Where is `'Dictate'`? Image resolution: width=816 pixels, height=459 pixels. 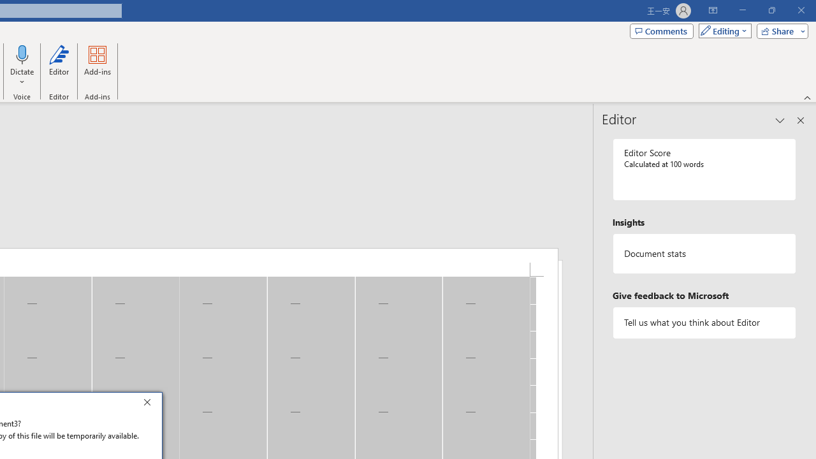 'Dictate' is located at coordinates (22, 66).